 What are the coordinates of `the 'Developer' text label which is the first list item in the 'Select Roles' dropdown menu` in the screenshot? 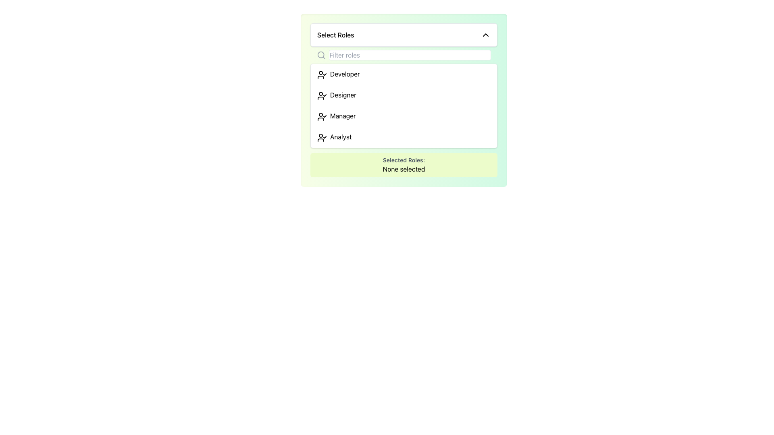 It's located at (338, 75).